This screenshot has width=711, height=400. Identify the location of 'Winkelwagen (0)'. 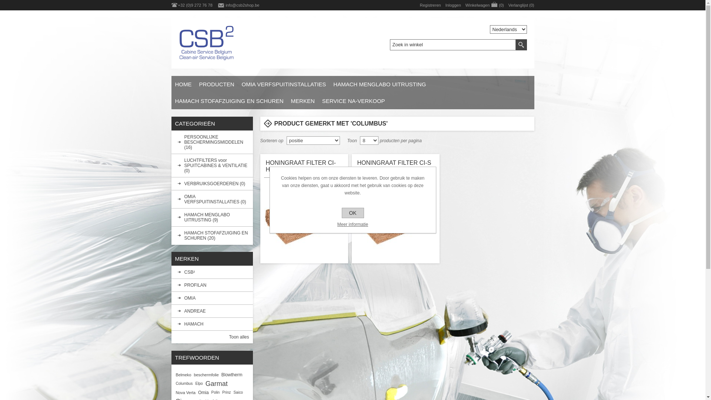
(465, 5).